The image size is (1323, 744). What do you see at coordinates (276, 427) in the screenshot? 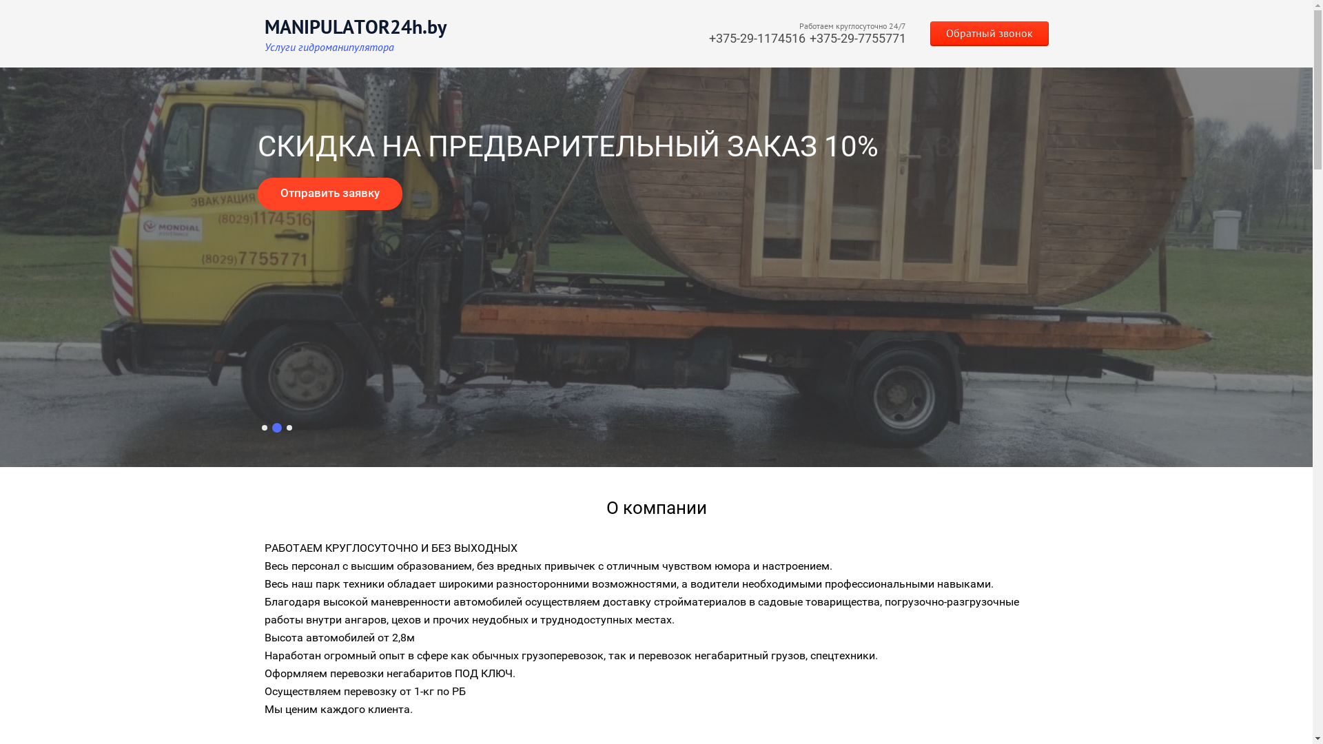
I see `'2'` at bounding box center [276, 427].